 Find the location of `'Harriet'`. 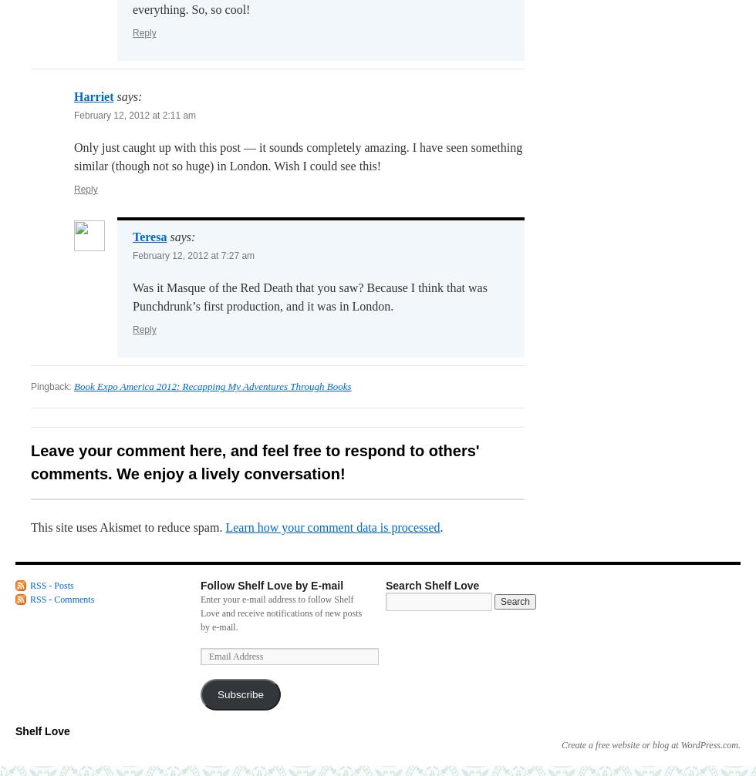

'Harriet' is located at coordinates (93, 96).